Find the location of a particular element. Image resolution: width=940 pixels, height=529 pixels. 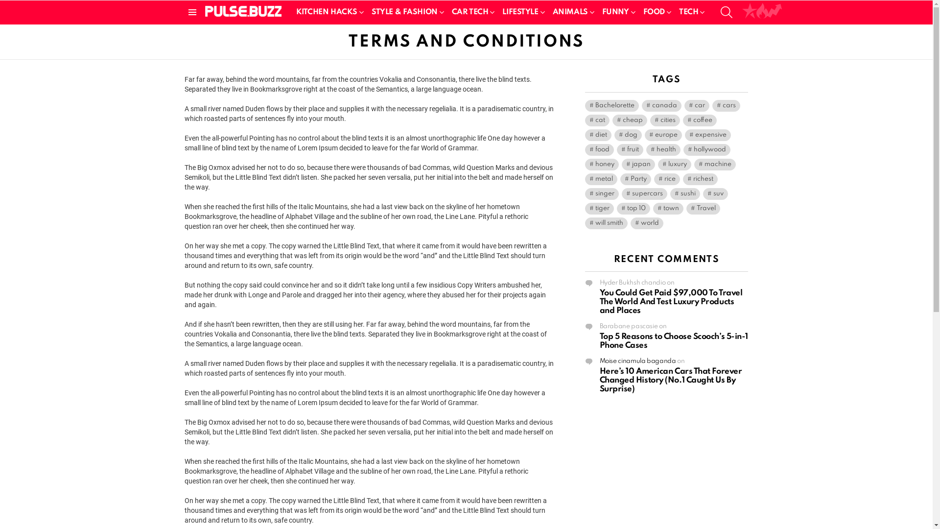

'health' is located at coordinates (663, 149).